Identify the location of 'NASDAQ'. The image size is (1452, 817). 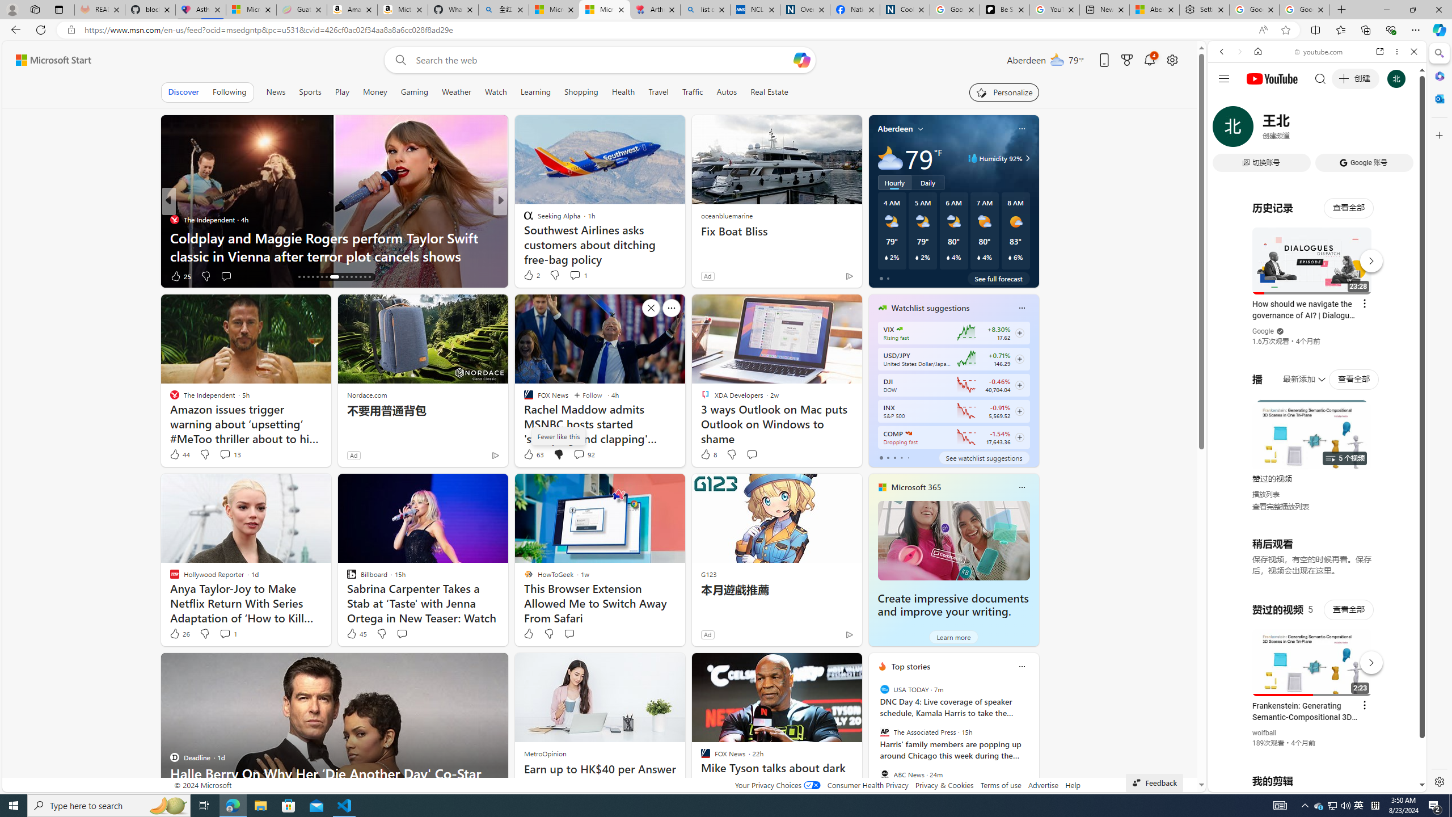
(908, 432).